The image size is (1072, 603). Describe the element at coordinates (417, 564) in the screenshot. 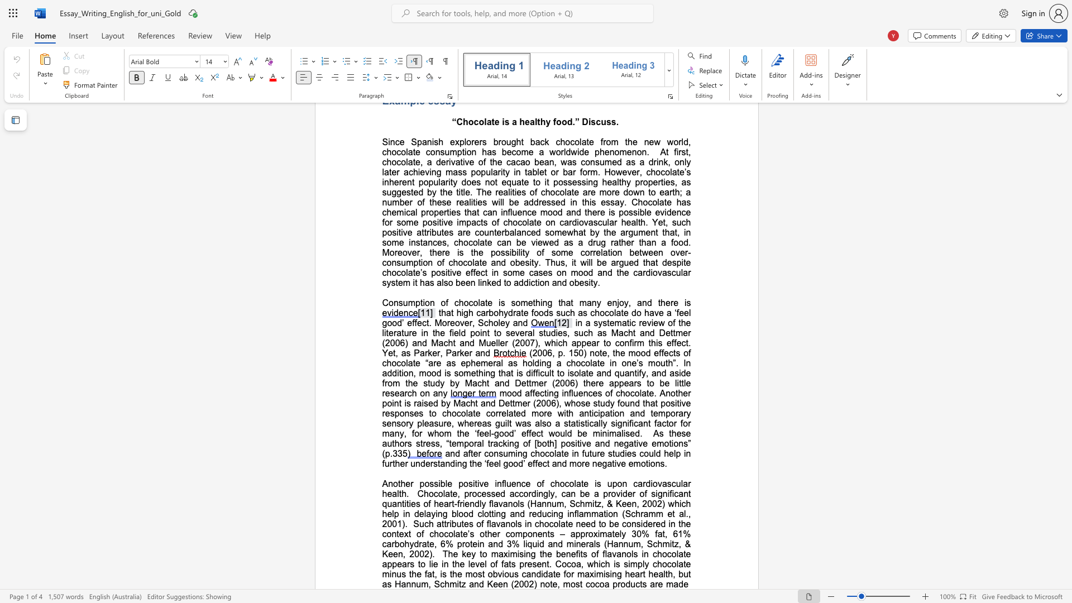

I see `the subset text "to lie in the level of fats present. Cocoa, which is simply chocolate minus the fat, is the most obvious candidate for maximising heart health, but as Hannum, Schmitz and Keen (2002) note, most cocoa products a" within the text "The key to maximising the benefits of flavanols in chocolate appears to lie in the level of fats present. Cocoa, which is simply chocolate minus the fat, is the most obvious candidate for maximising heart health, but as Hannum, Schmitz and Keen (2002) note, most cocoa products are made"` at that location.